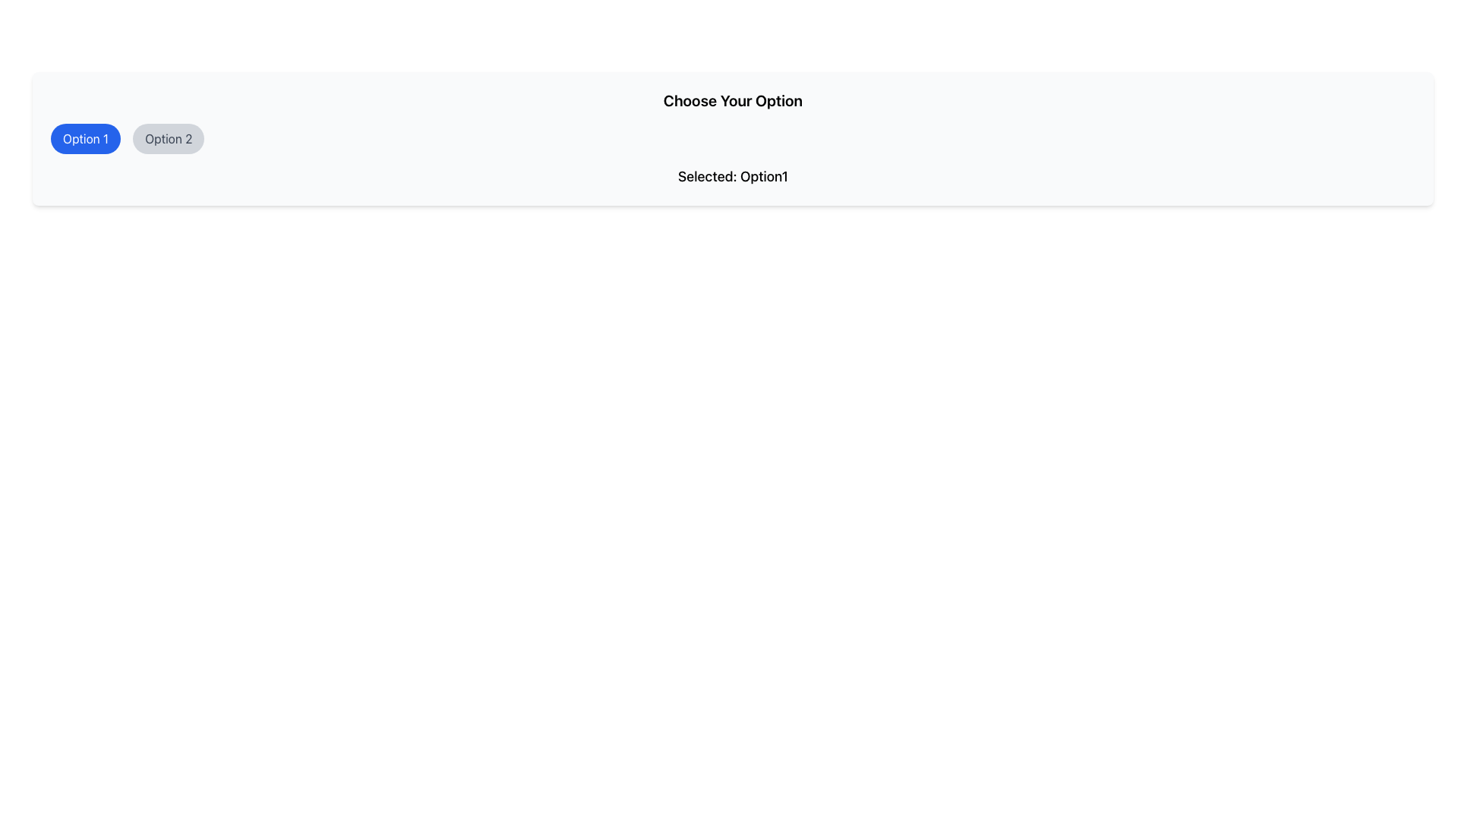 This screenshot has width=1458, height=820. What do you see at coordinates (733, 175) in the screenshot?
I see `the Text Label that displays the currently selected option, which shows 'Selected: Option1' and is located below the buttons in the selection interface` at bounding box center [733, 175].